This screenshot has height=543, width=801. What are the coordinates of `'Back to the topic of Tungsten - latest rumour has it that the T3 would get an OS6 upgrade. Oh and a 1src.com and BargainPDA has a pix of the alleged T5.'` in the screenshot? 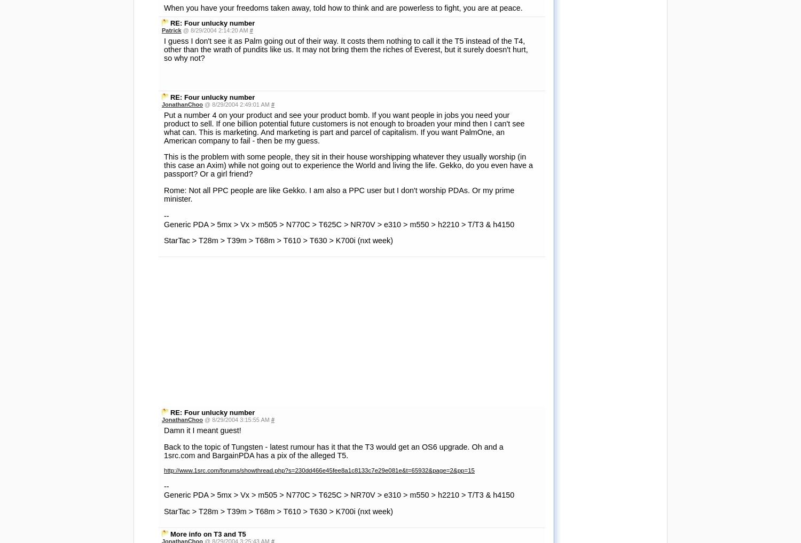 It's located at (333, 152).